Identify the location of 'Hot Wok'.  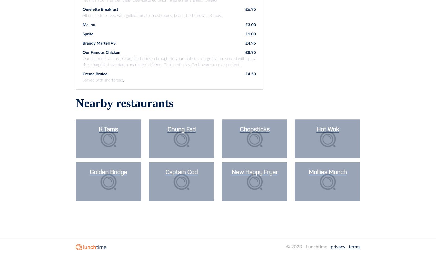
(328, 130).